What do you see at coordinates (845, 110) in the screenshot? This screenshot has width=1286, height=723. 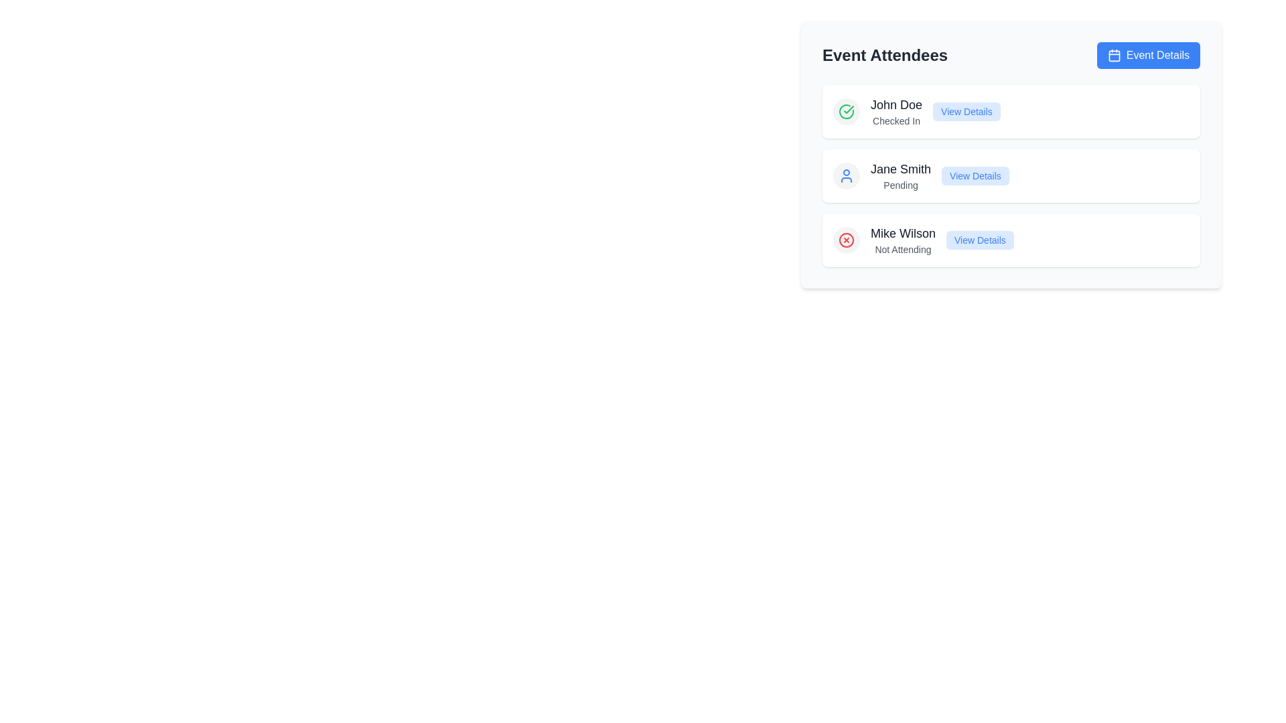 I see `the 'Checked In' status icon located to the left of the text 'John Doe' in the 'Event Attendees' section` at bounding box center [845, 110].